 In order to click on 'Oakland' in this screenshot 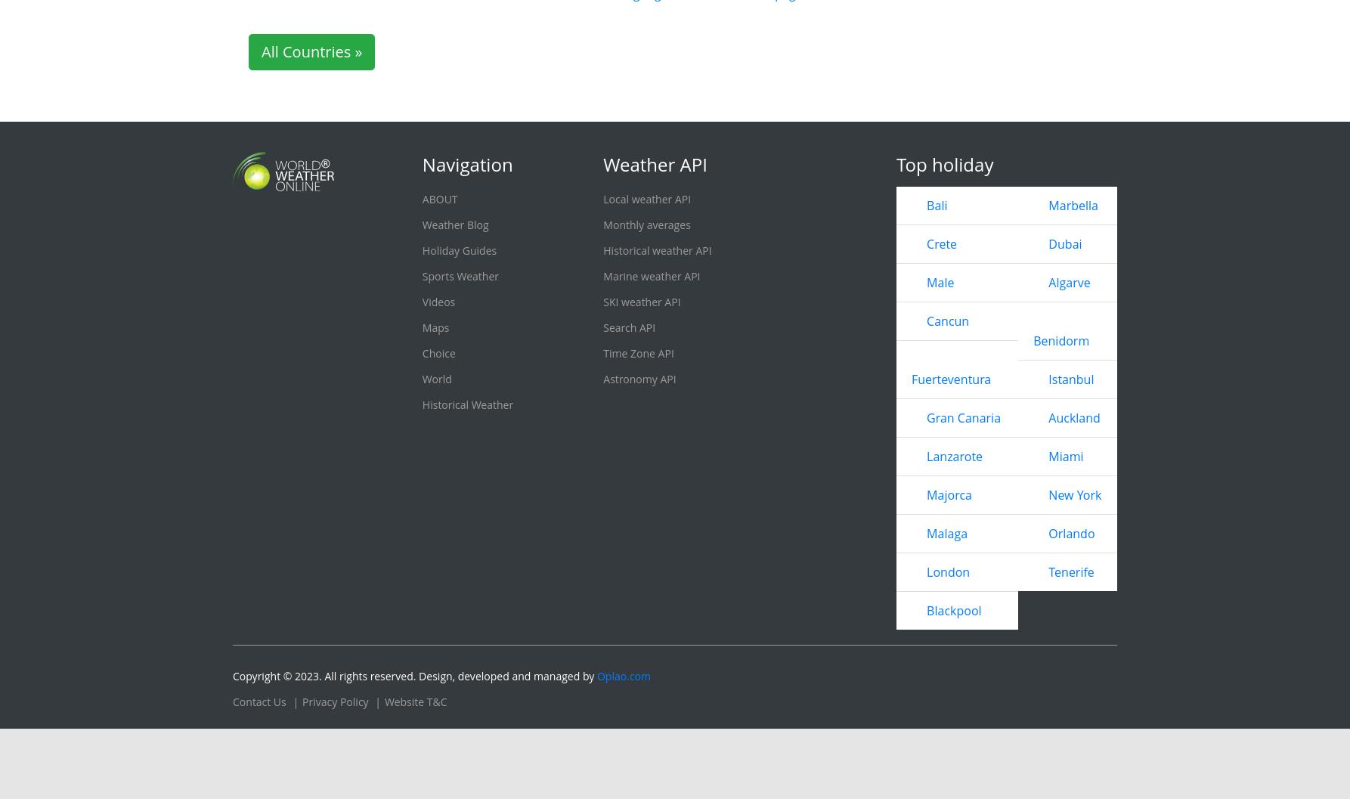, I will do `click(435, 24)`.